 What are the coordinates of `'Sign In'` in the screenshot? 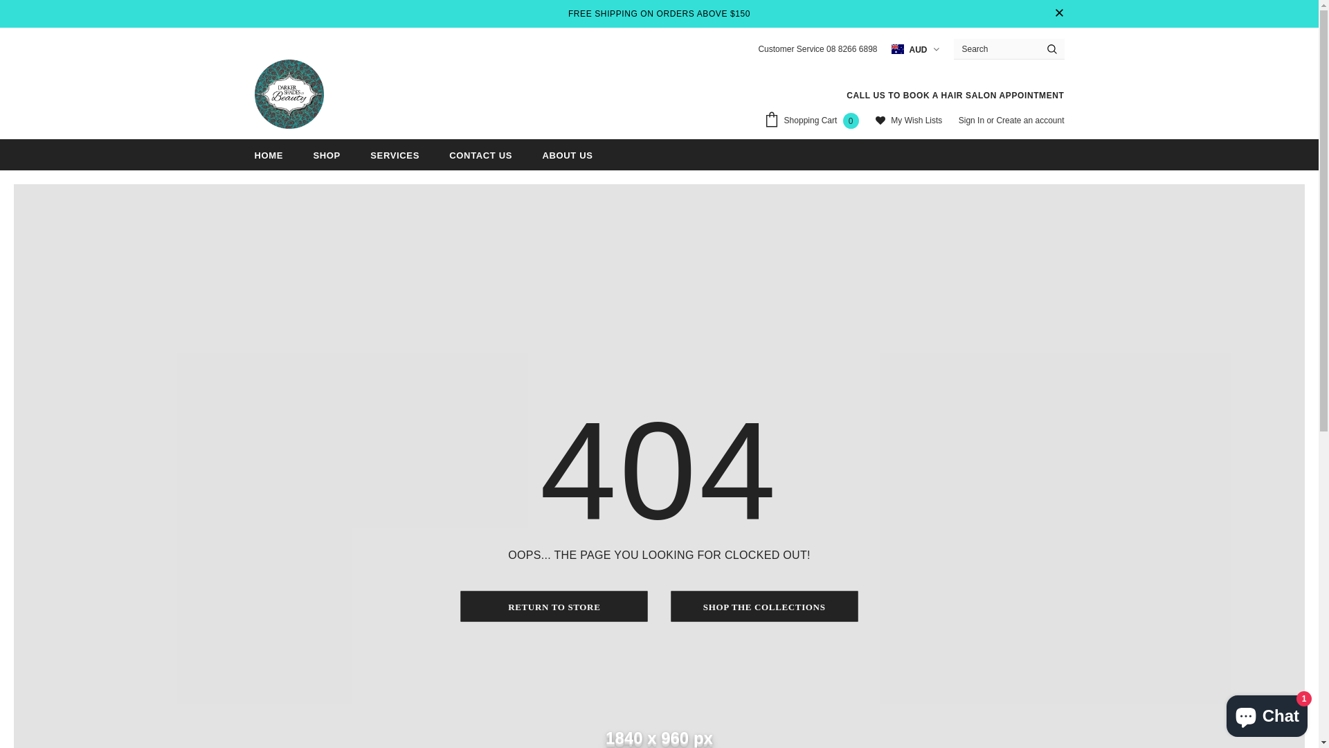 It's located at (972, 119).